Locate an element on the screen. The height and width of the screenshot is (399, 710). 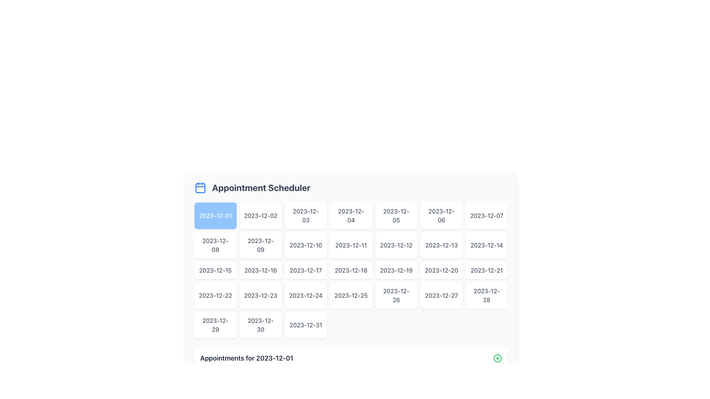
the selectable date button representing the 19th date in the calendar interface is located at coordinates (396, 270).